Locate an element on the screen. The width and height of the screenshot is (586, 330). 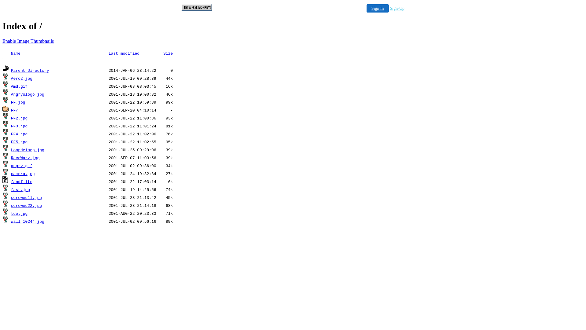
'screwed11.jpg' is located at coordinates (26, 198).